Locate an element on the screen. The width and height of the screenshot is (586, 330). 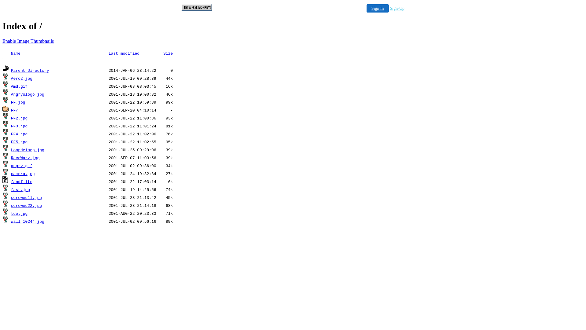
'screwed11.jpg' is located at coordinates (26, 198).